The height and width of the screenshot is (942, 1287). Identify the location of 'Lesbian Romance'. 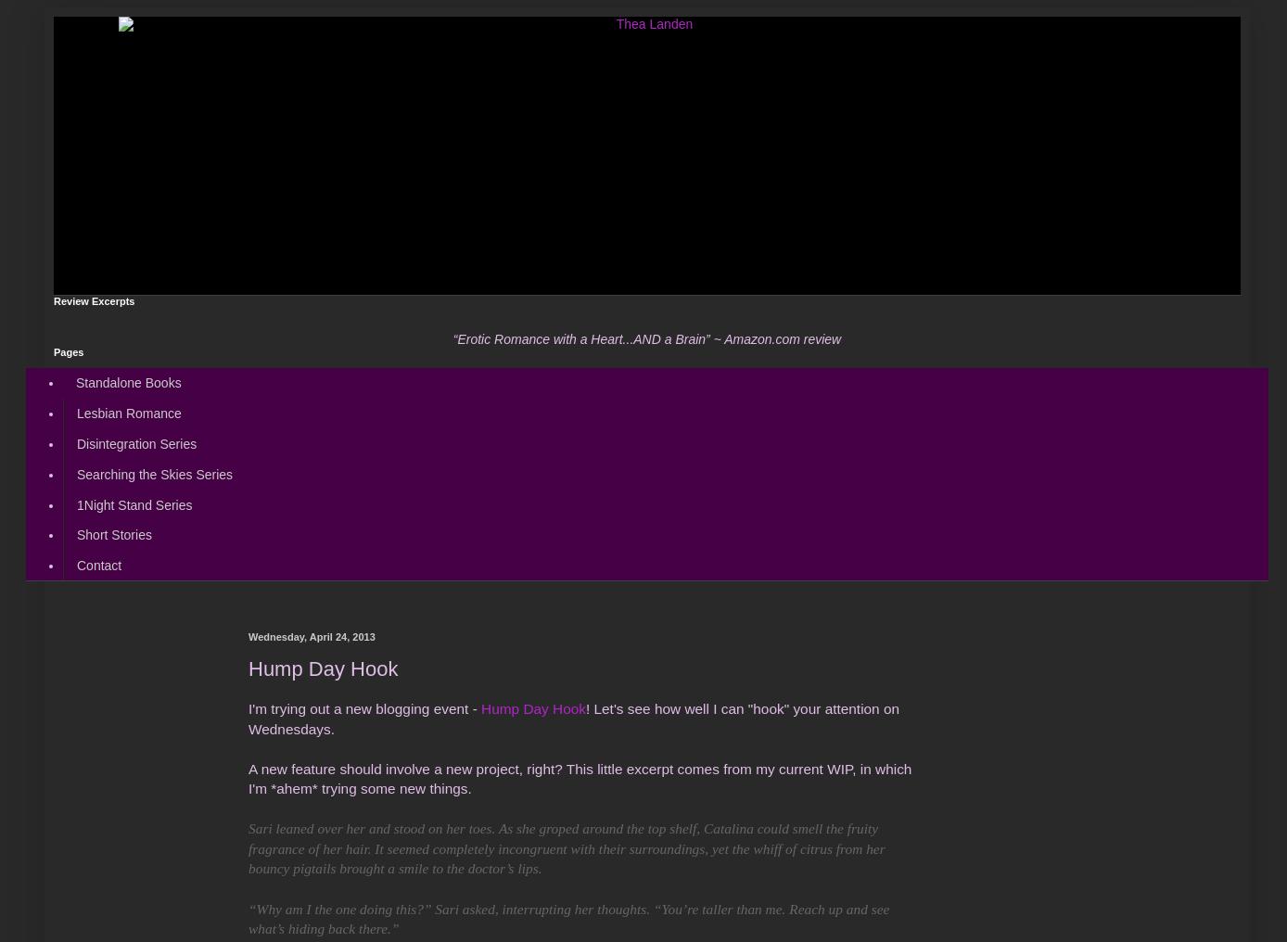
(128, 414).